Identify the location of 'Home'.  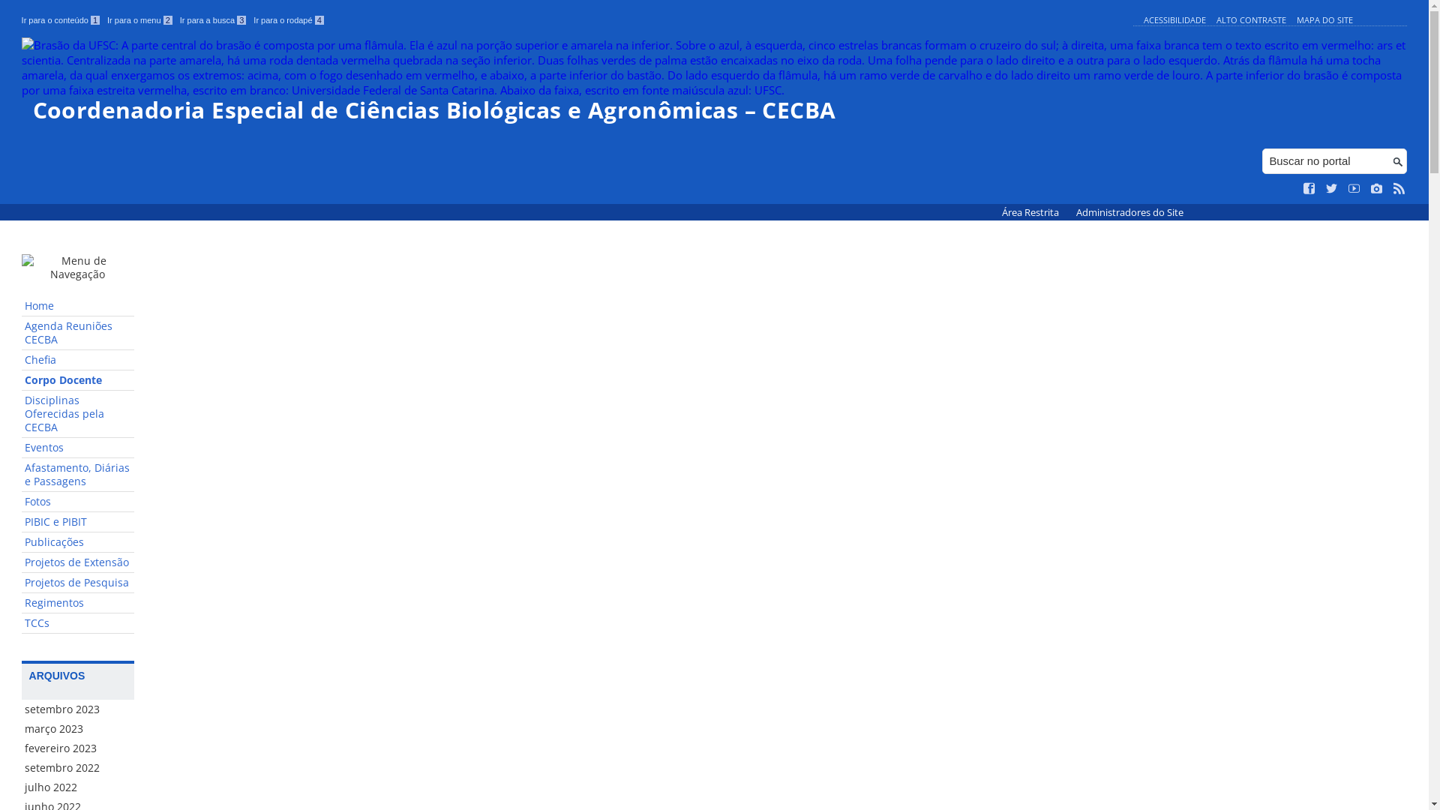
(21, 305).